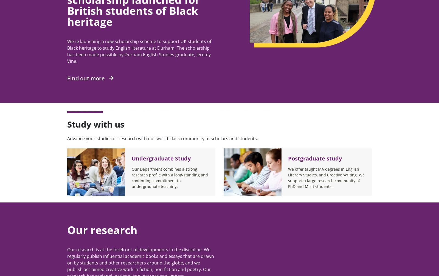 Image resolution: width=439 pixels, height=276 pixels. I want to click on 'DH1 3LE', so click(75, 72).